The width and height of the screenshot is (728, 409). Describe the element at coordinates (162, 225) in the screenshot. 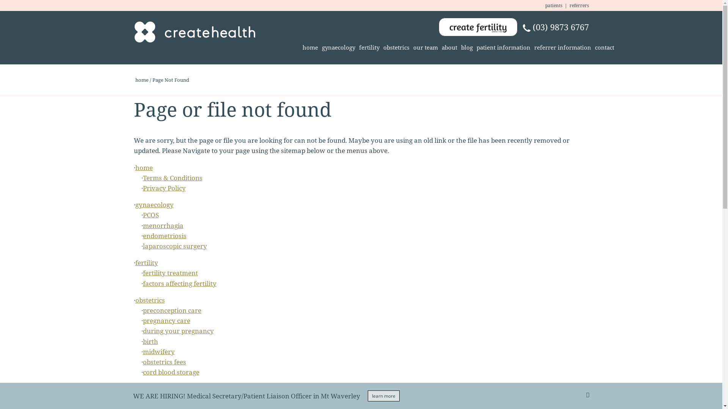

I see `'menorrhagia'` at that location.